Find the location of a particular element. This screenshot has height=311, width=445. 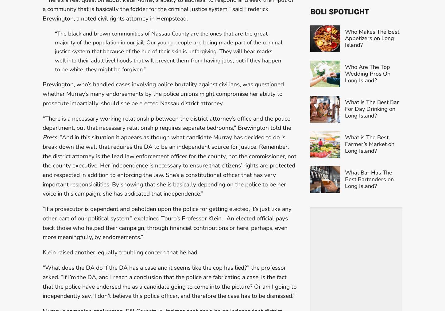

'Brewington, who’s handled cases involving police brutality against civilians, was questioned whether Murray’s many endorsements by the police unions might compromise her ability to prosecute impartially, should she be elected Nassau district attorney.' is located at coordinates (163, 93).